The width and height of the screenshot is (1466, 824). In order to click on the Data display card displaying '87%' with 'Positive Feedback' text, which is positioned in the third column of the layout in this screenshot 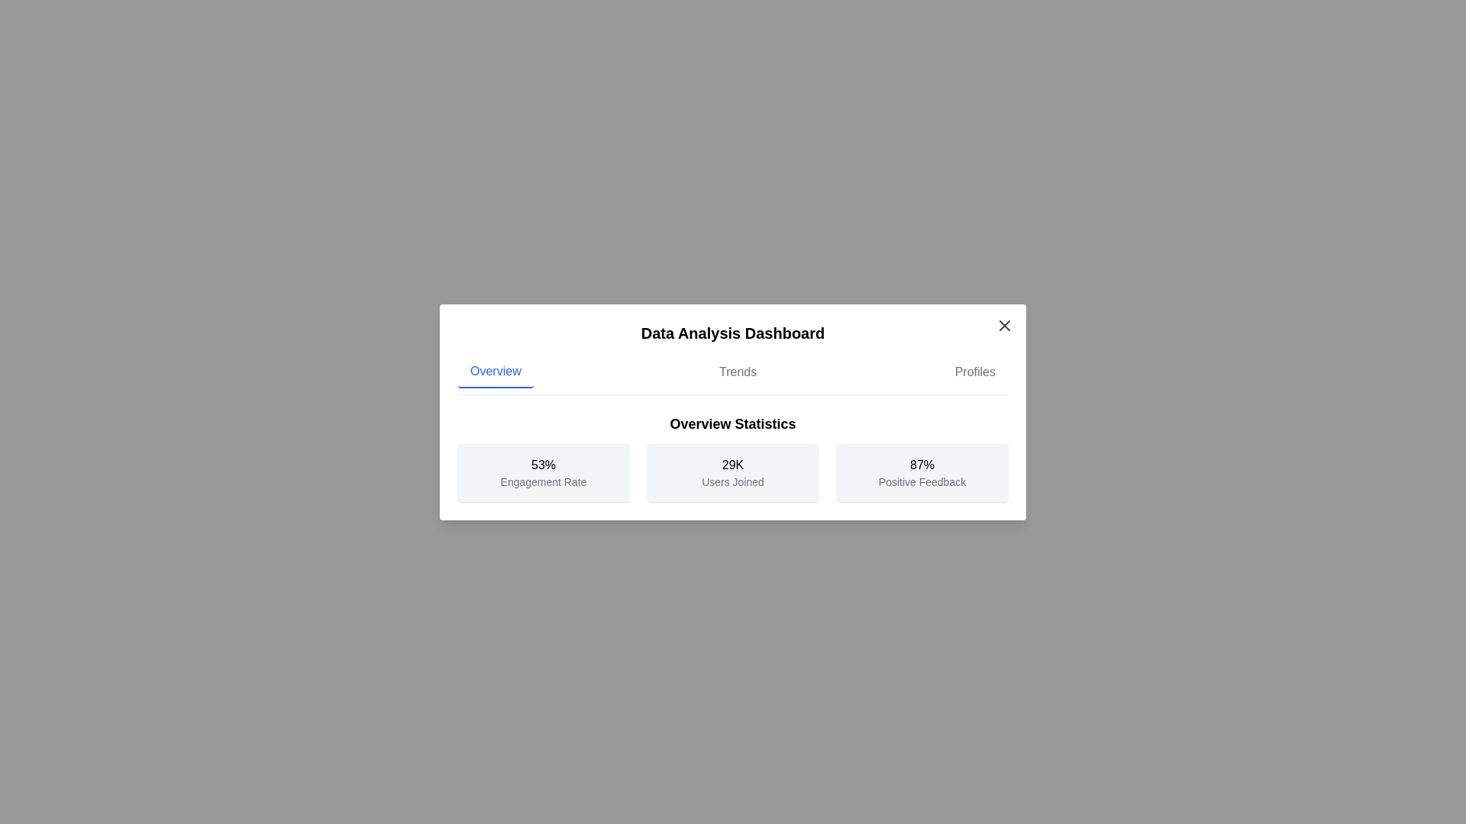, I will do `click(922, 472)`.